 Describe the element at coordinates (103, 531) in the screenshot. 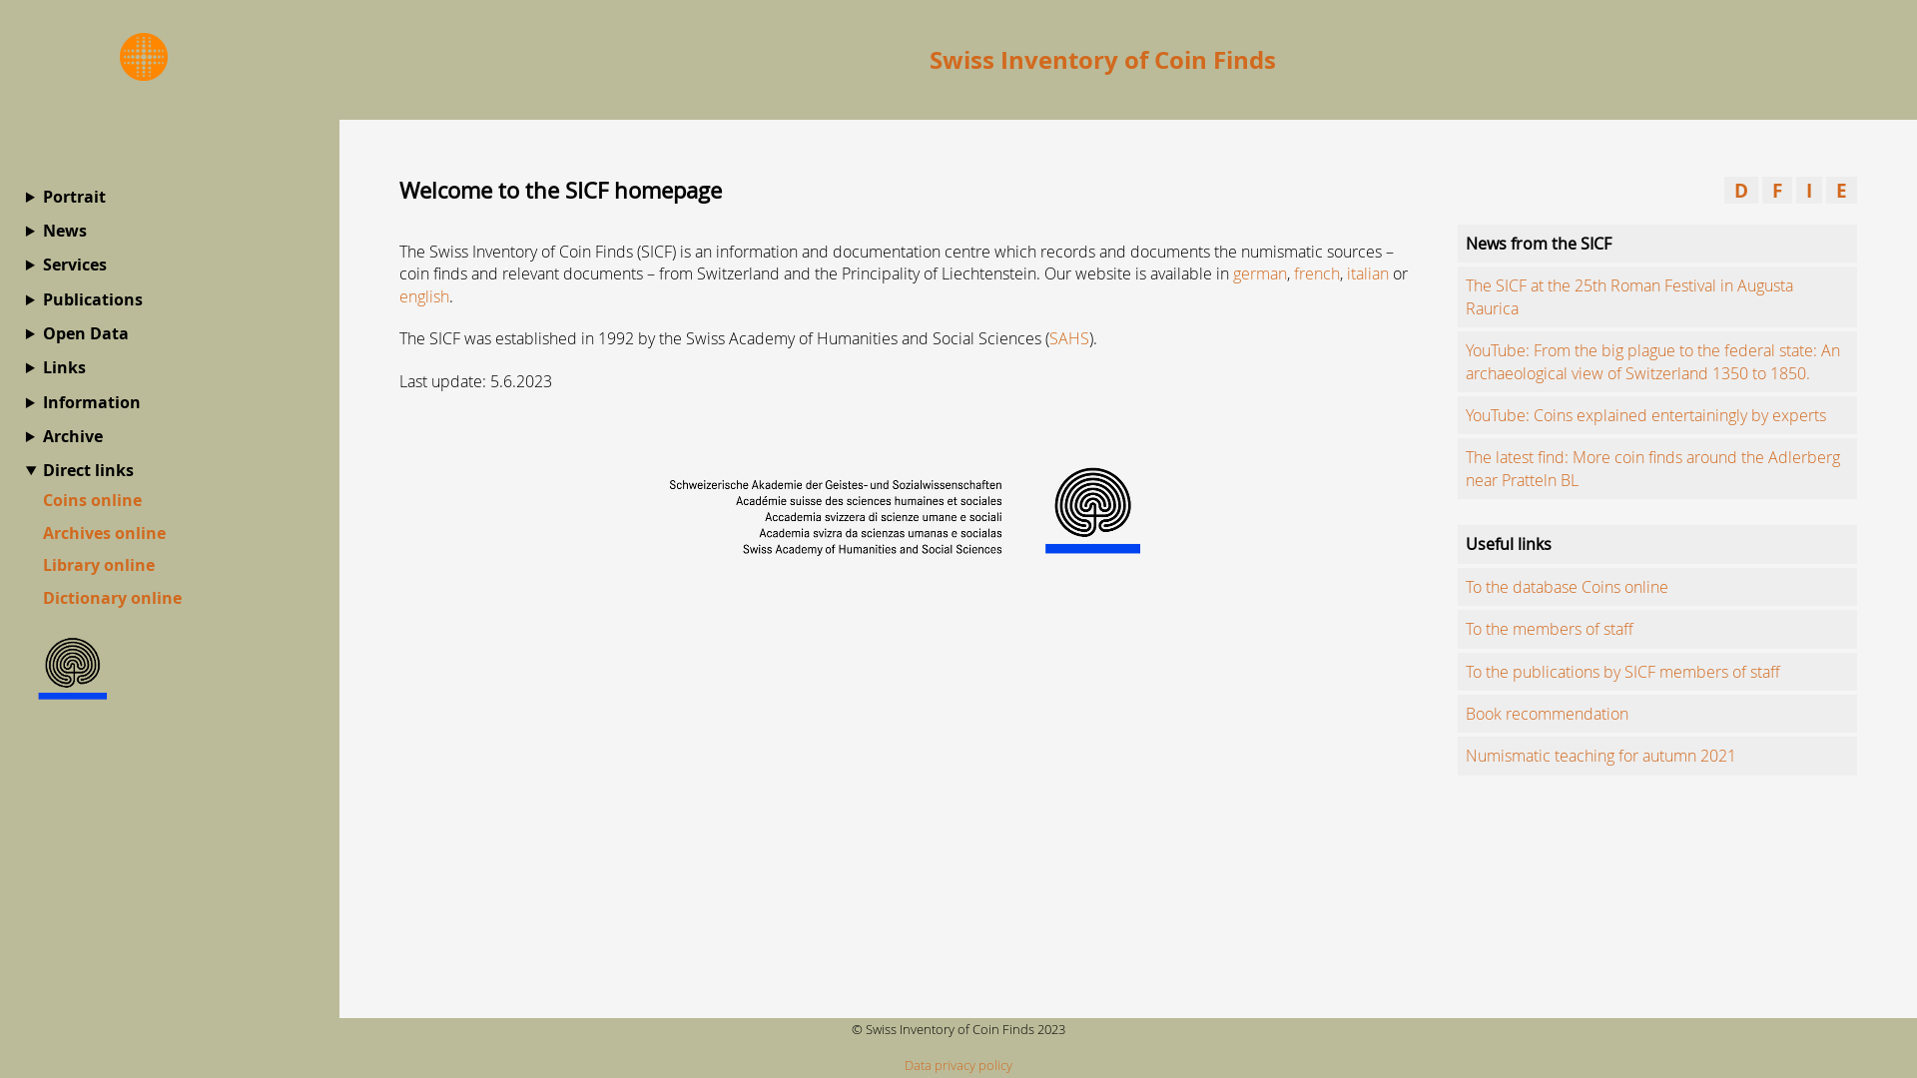

I see `'Archives online'` at that location.